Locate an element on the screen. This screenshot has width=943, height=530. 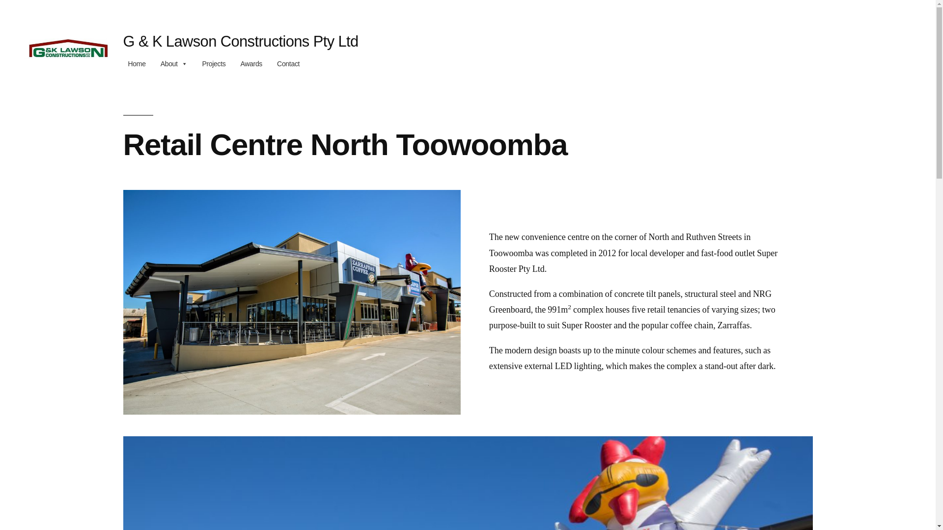
'Home' is located at coordinates (122, 64).